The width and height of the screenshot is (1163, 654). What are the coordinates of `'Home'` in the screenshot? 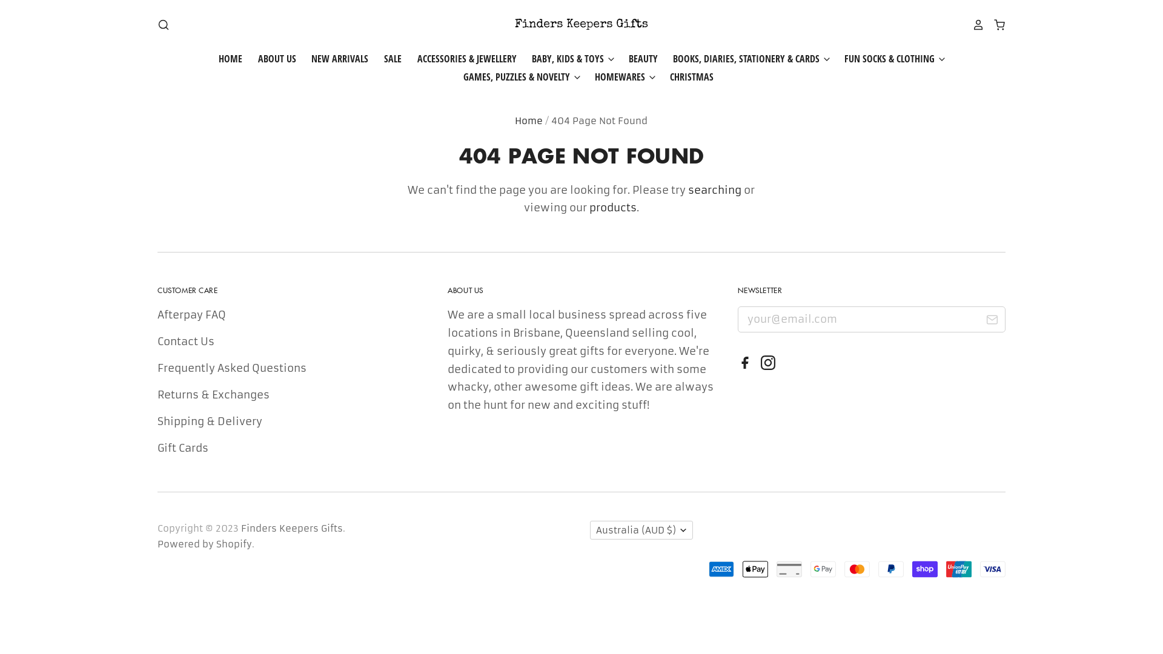 It's located at (529, 121).